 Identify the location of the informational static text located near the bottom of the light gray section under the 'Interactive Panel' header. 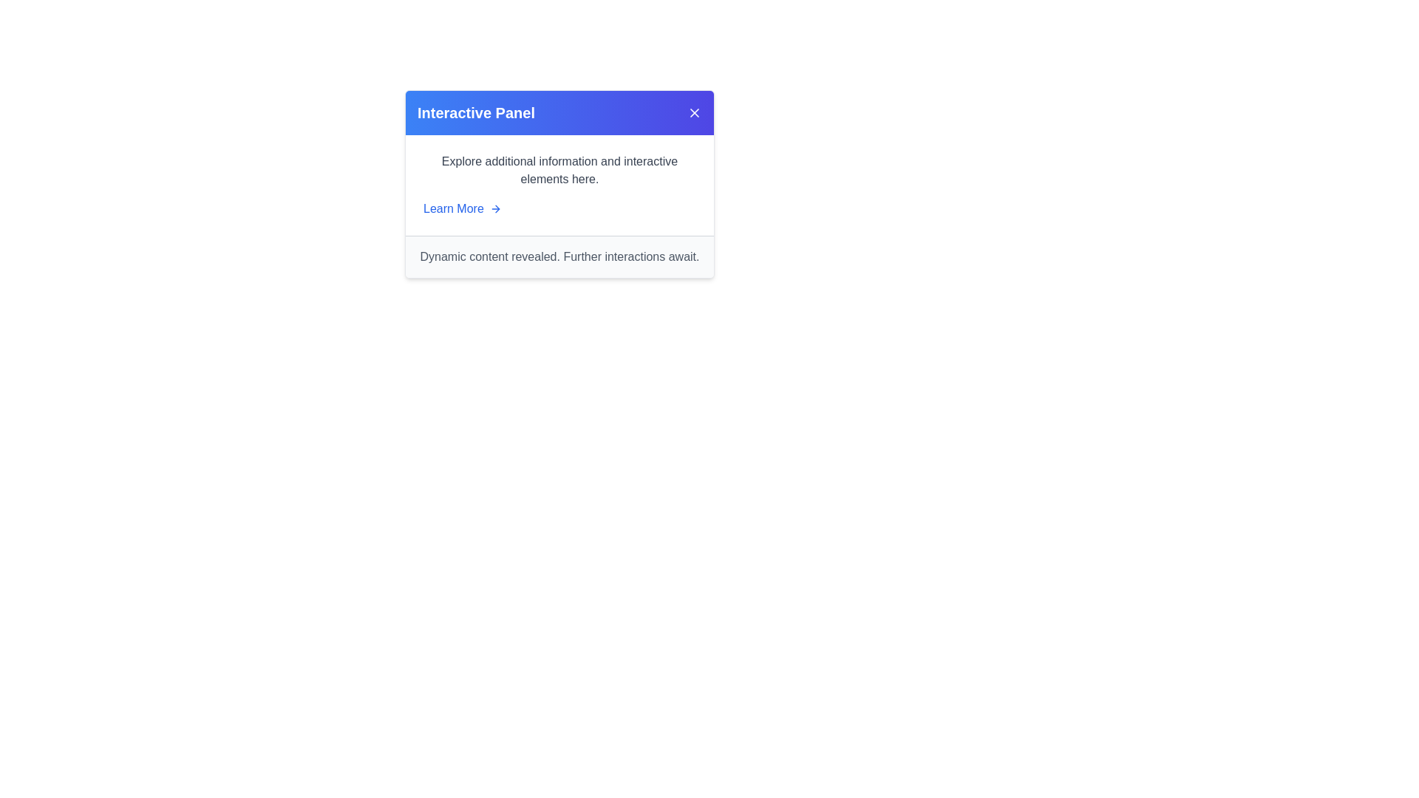
(559, 256).